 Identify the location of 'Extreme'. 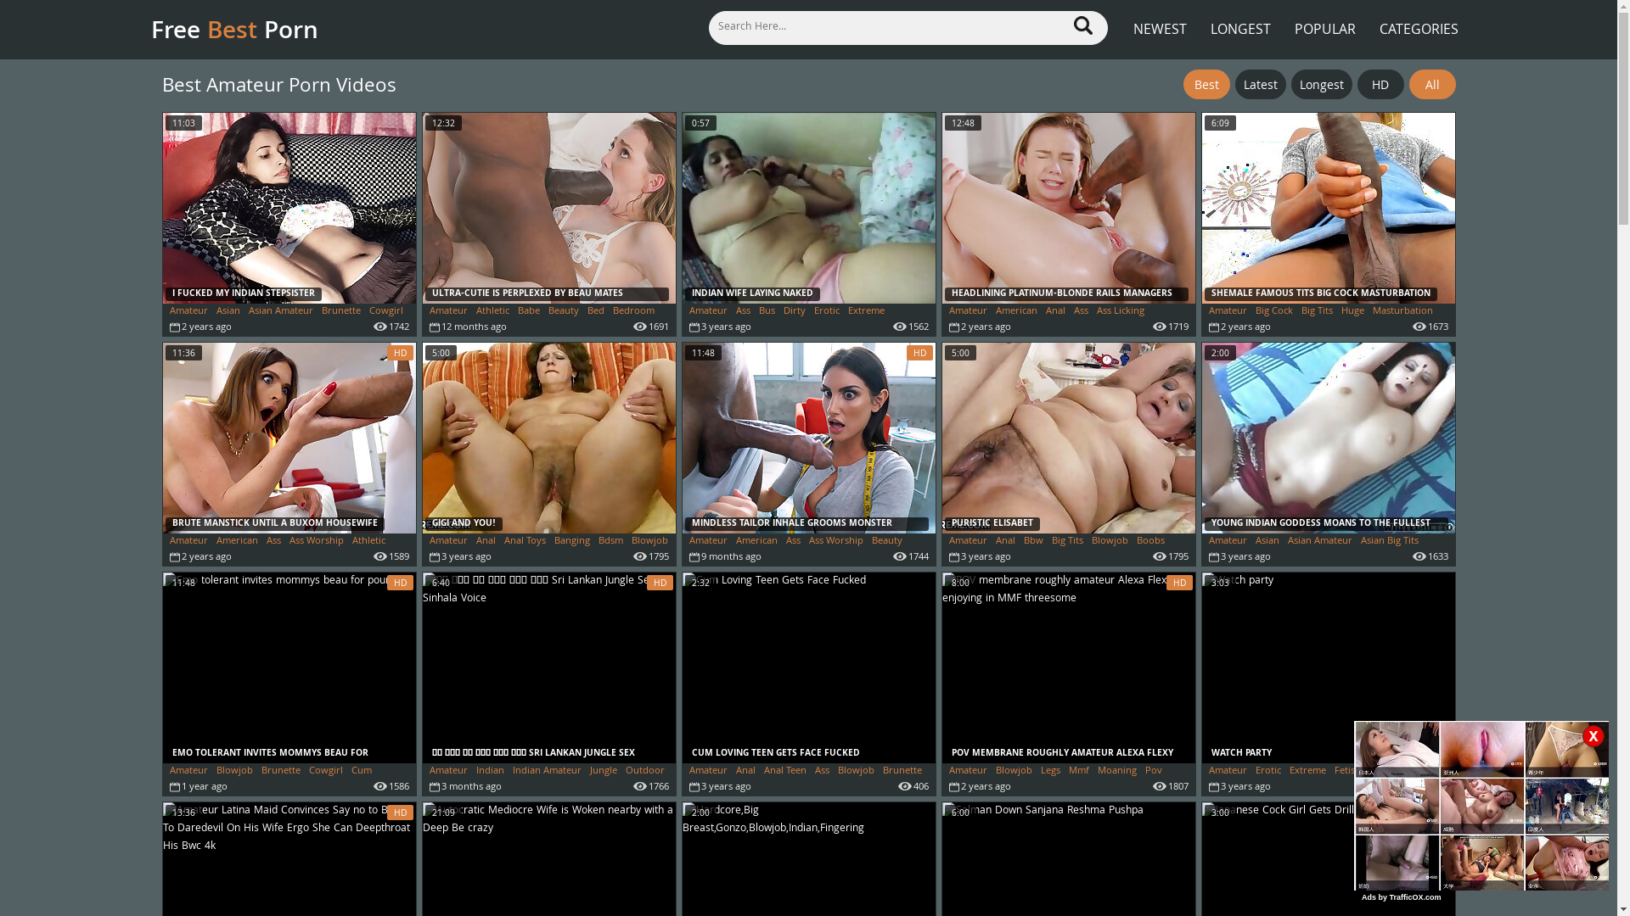
(865, 311).